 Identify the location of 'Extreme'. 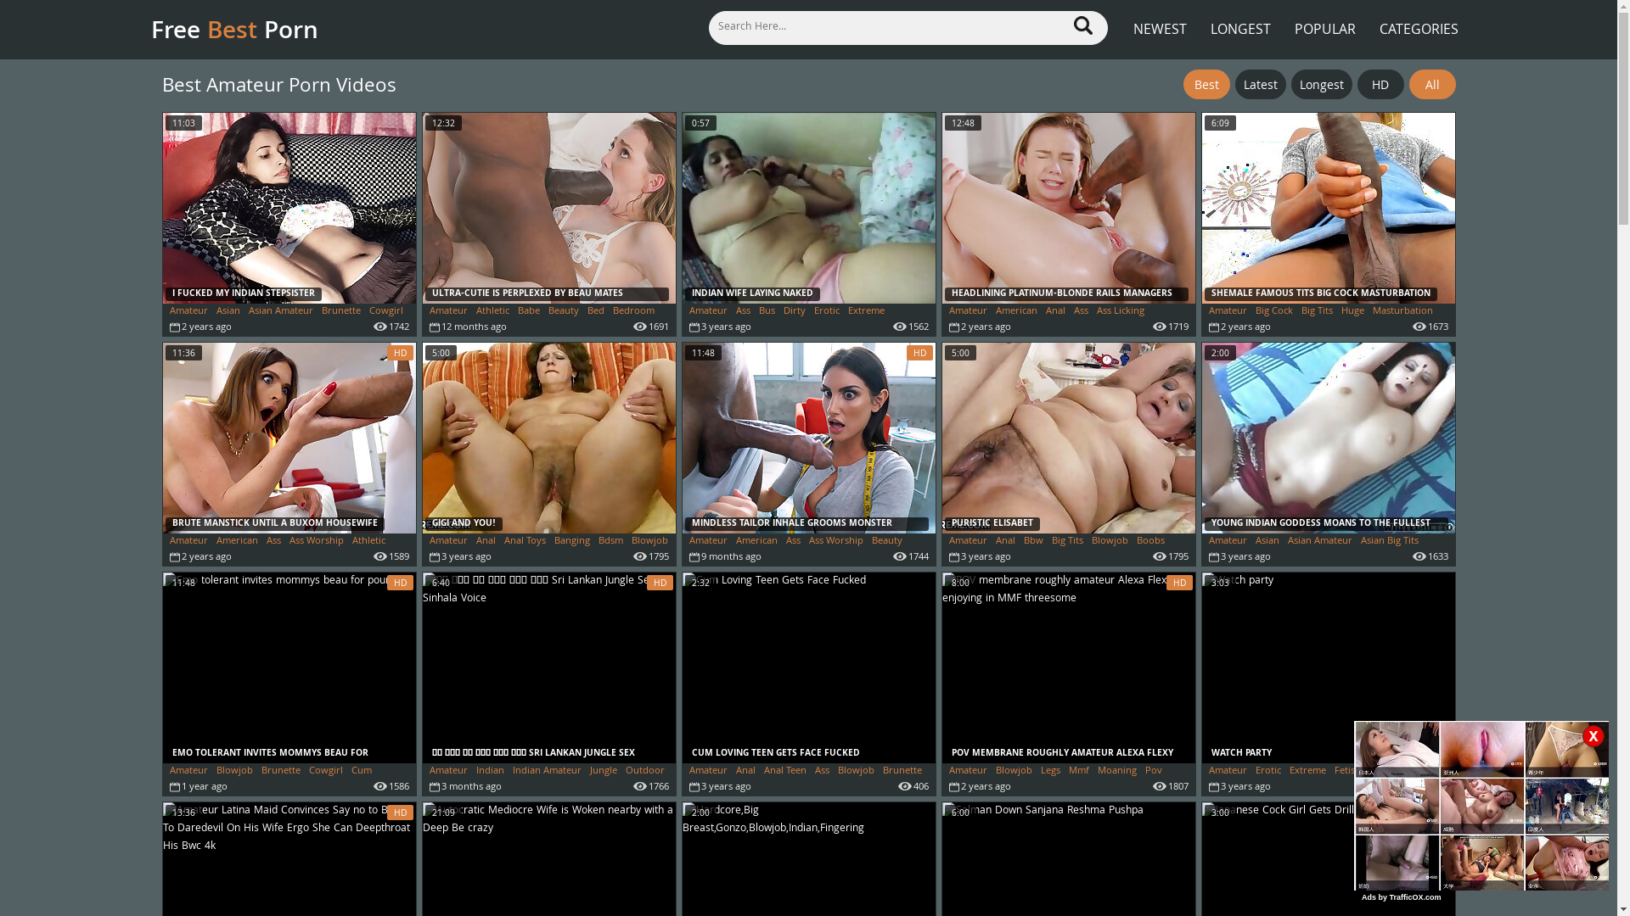
(865, 311).